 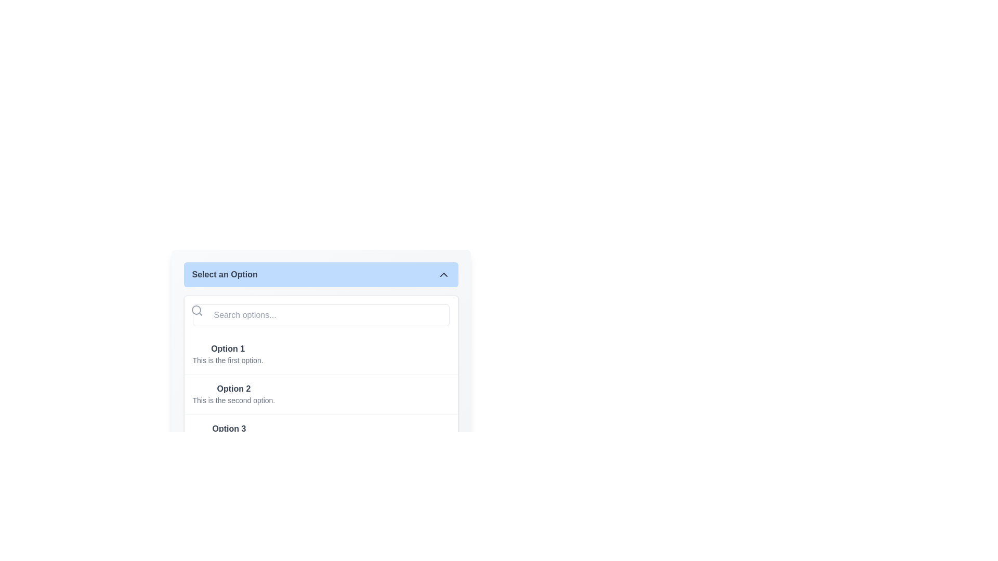 What do you see at coordinates (233, 389) in the screenshot?
I see `the static text that serves as the label for the second option in a selectable list, located between 'Option 1' and 'Option 3'` at bounding box center [233, 389].